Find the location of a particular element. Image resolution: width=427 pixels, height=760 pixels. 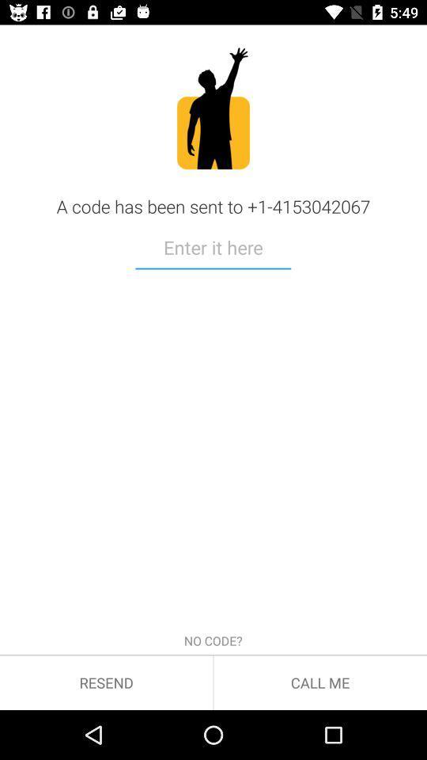

resend is located at coordinates (106, 682).